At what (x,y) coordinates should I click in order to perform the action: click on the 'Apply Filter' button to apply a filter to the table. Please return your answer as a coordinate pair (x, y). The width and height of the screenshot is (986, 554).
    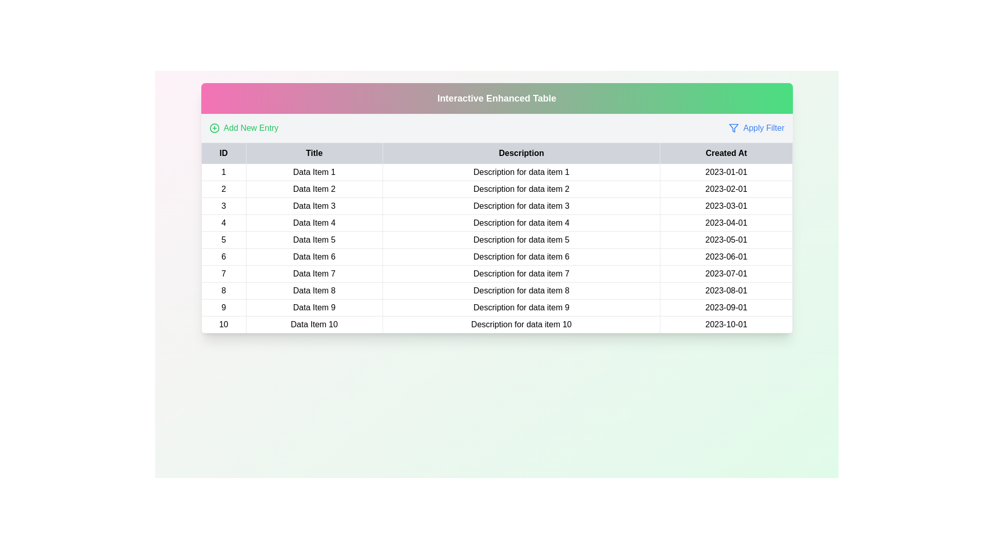
    Looking at the image, I should click on (756, 128).